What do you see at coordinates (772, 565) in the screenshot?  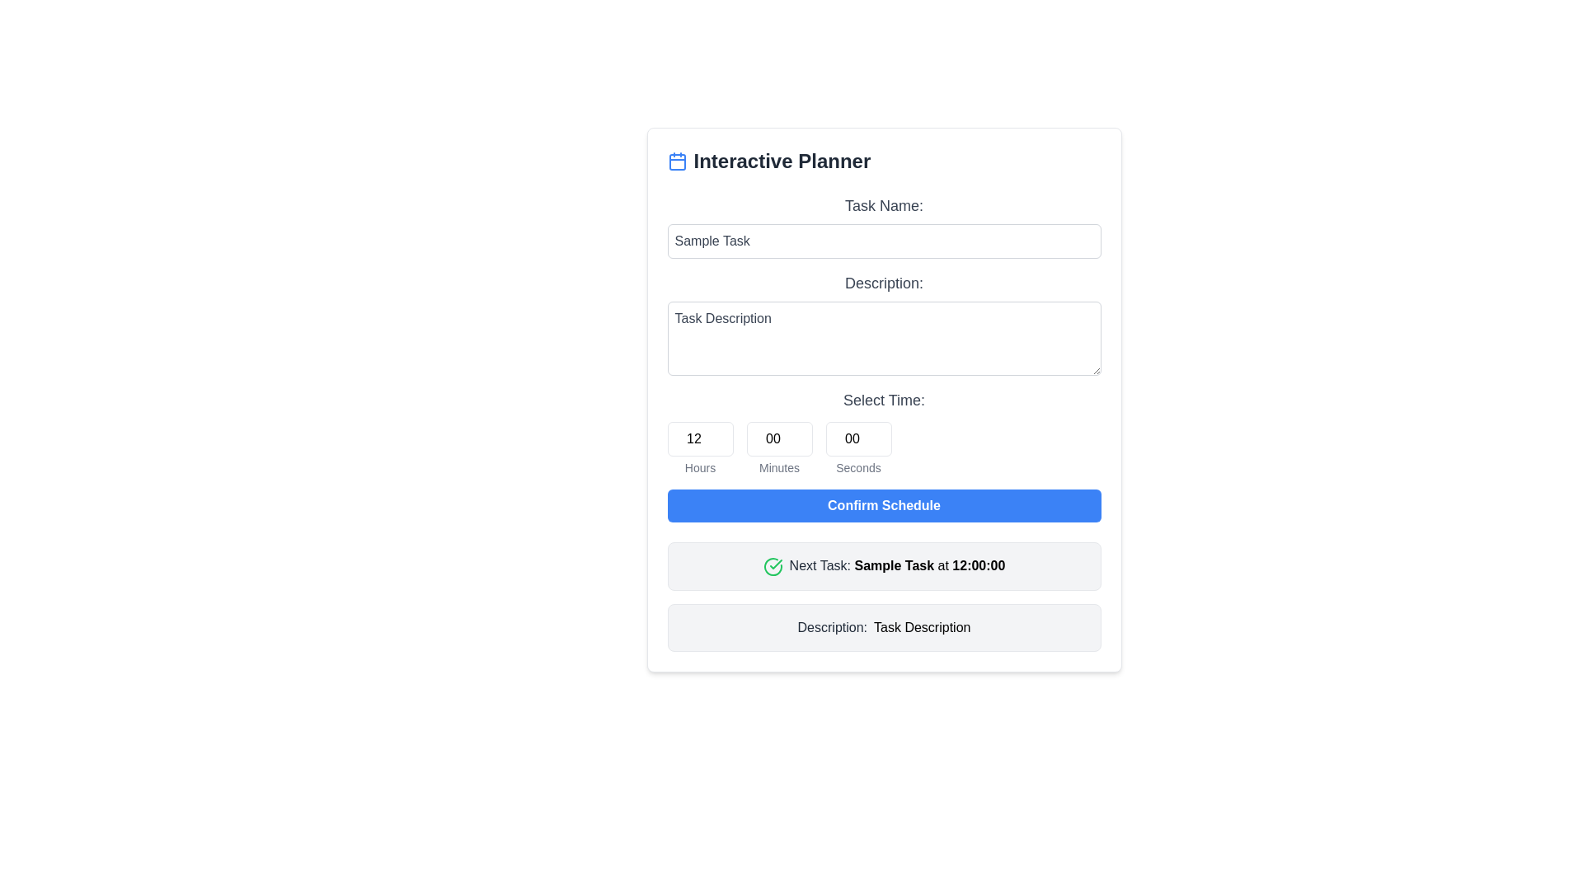 I see `the completed status icon located at the beginning of the 'Next Task: Sample Task at 12:00:00' section` at bounding box center [772, 565].